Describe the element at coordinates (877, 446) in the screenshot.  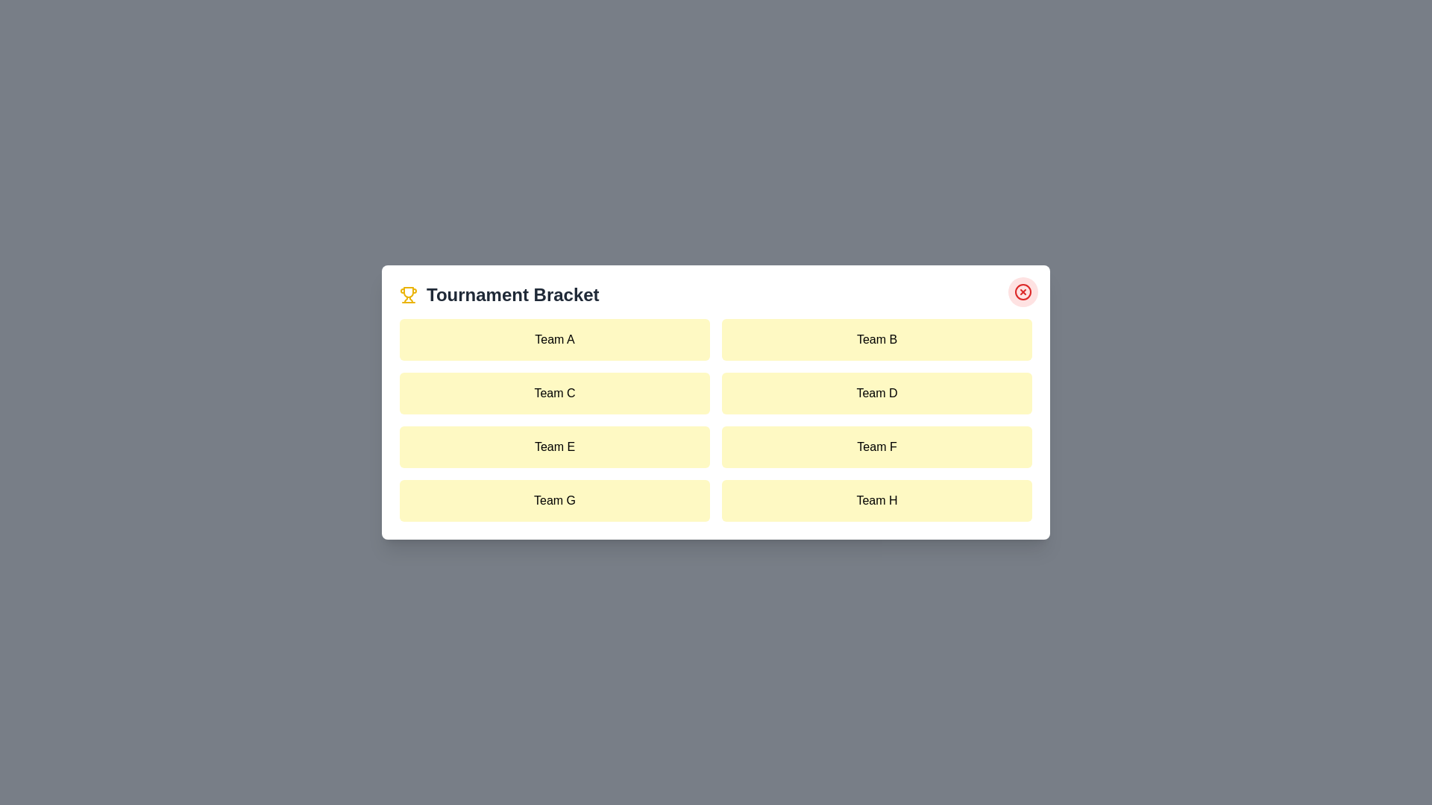
I see `the team item labeled Team F` at that location.